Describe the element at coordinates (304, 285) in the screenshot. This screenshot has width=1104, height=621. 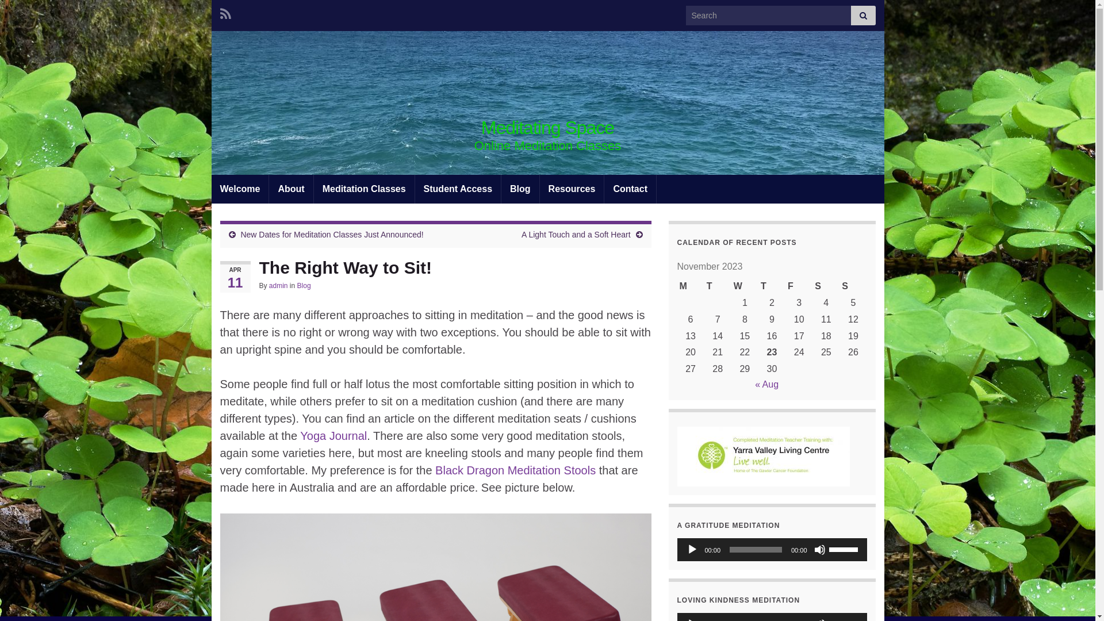
I see `'Blog'` at that location.